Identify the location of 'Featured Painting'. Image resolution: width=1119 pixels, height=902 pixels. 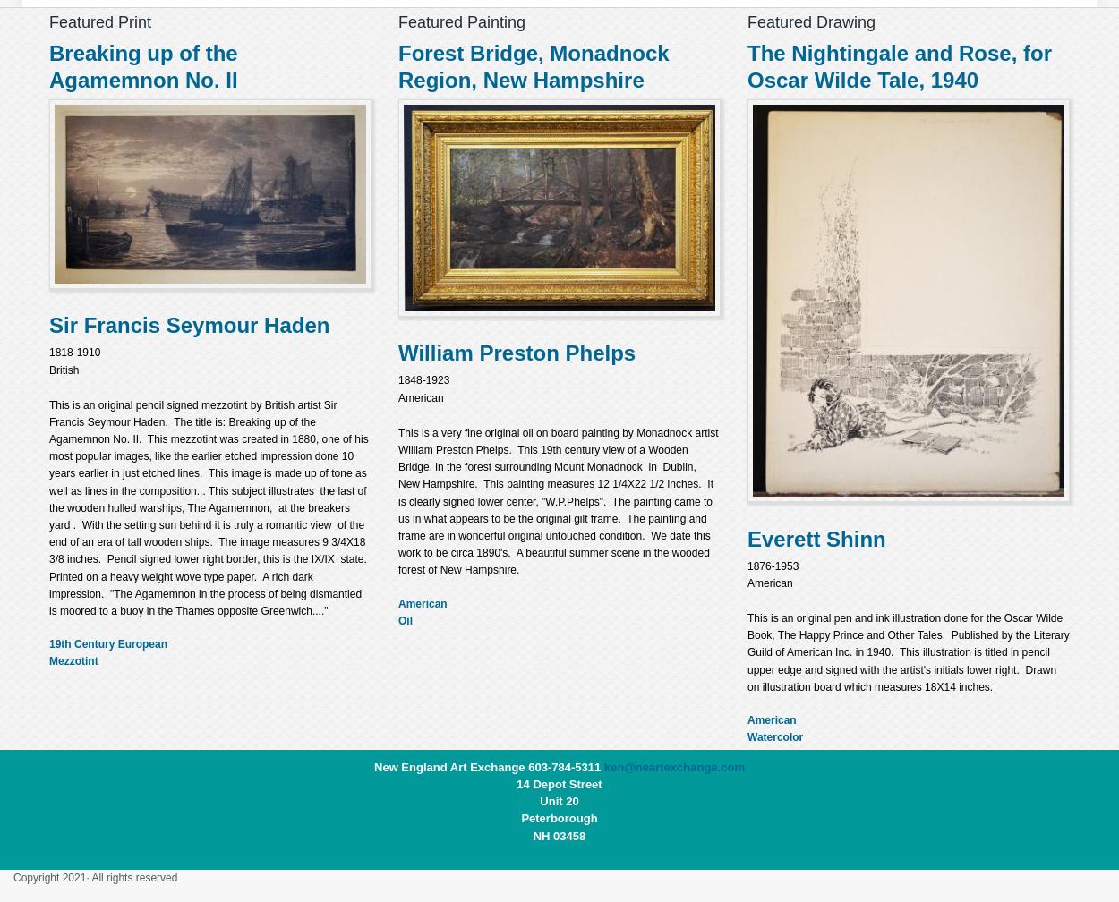
(397, 21).